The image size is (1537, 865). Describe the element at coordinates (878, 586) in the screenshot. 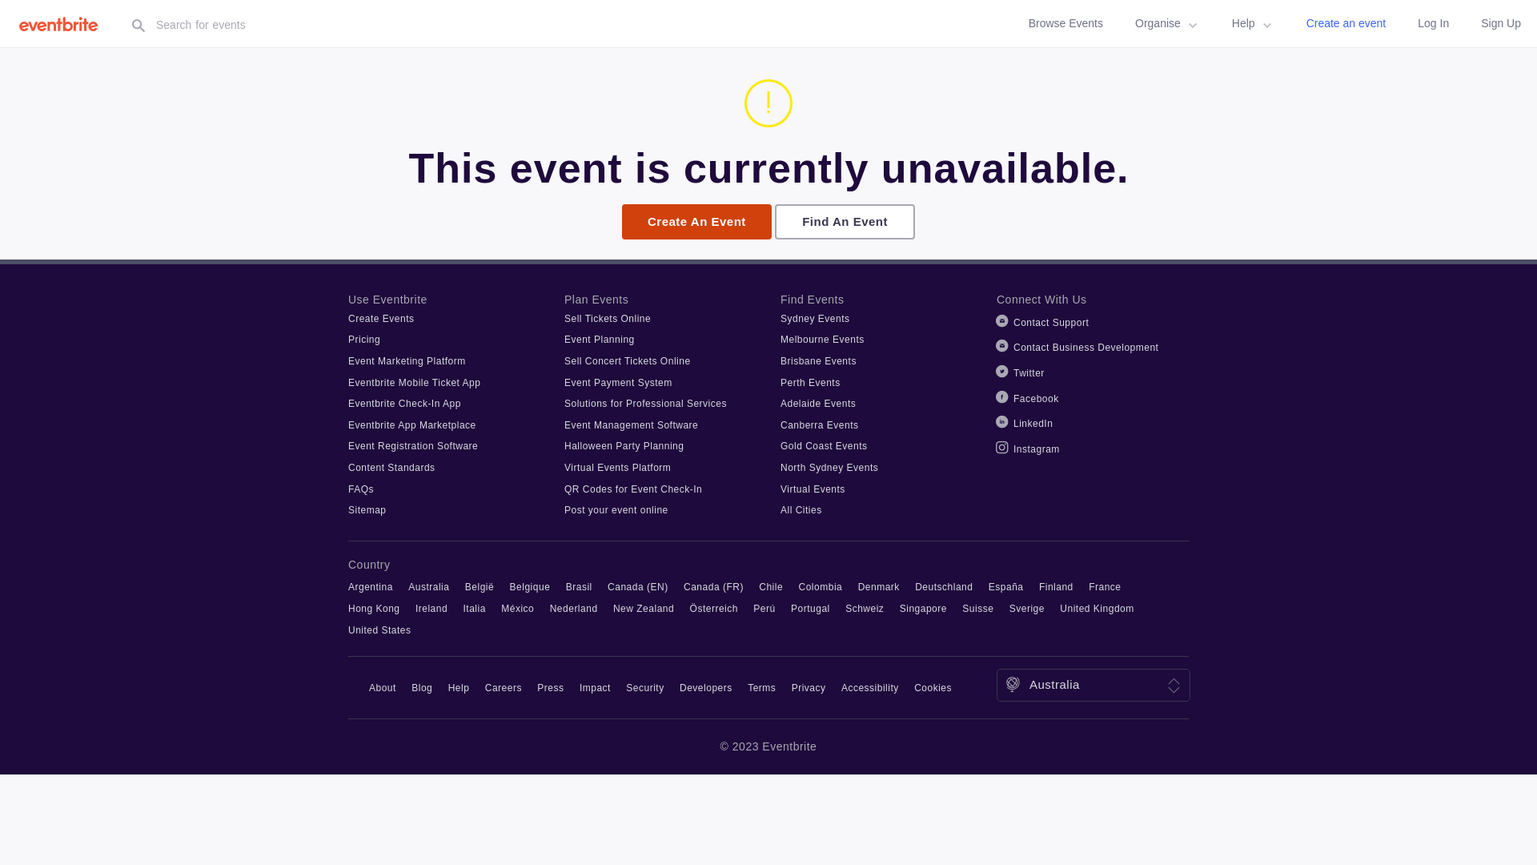

I see `'Denmark'` at that location.